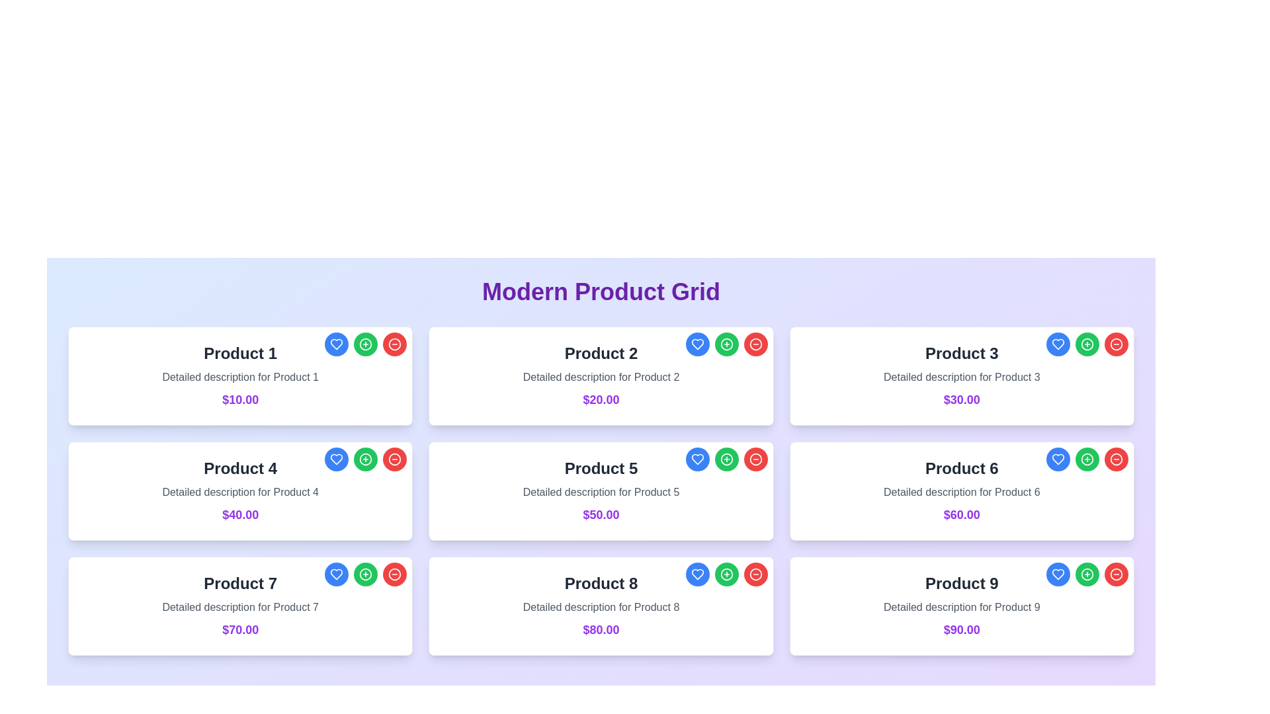 This screenshot has width=1270, height=714. Describe the element at coordinates (726, 343) in the screenshot. I see `the circular green button with a plus icon located at the top-right corner of the card for 'Product 2'` at that location.